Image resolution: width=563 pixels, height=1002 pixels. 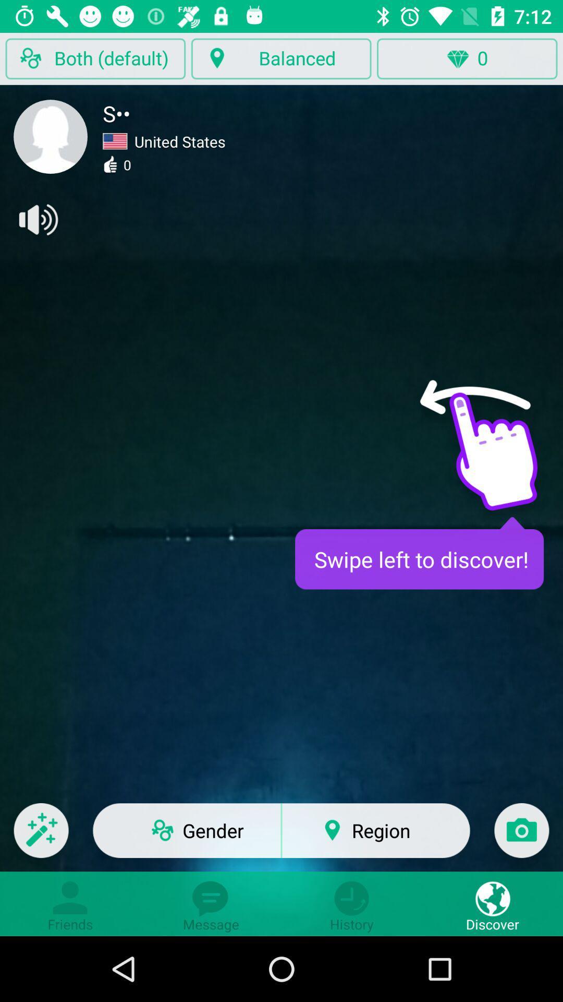 I want to click on open profile pic, so click(x=51, y=136).